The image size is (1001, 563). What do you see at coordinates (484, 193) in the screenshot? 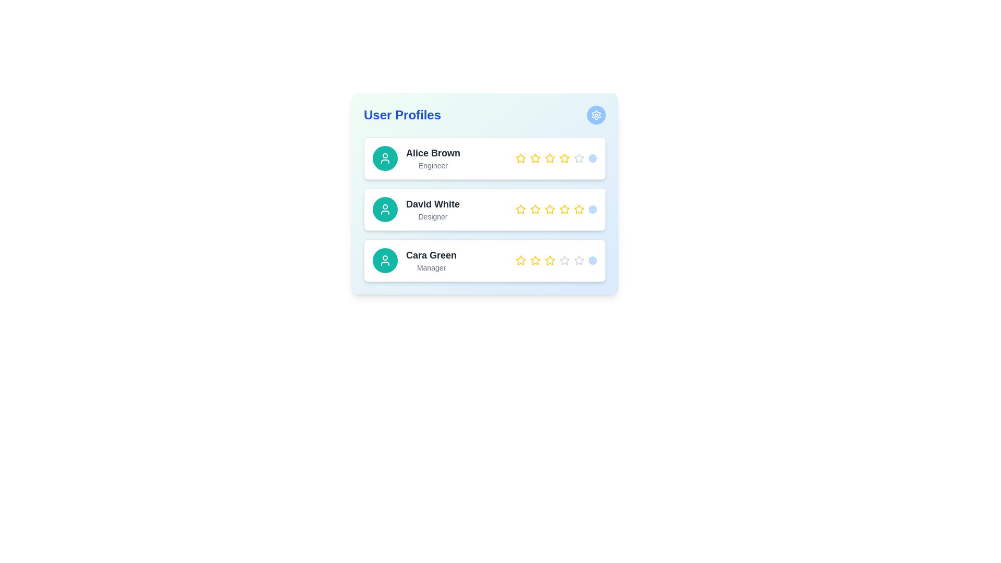
I see `the interactive star rating system for 'David White'` at bounding box center [484, 193].